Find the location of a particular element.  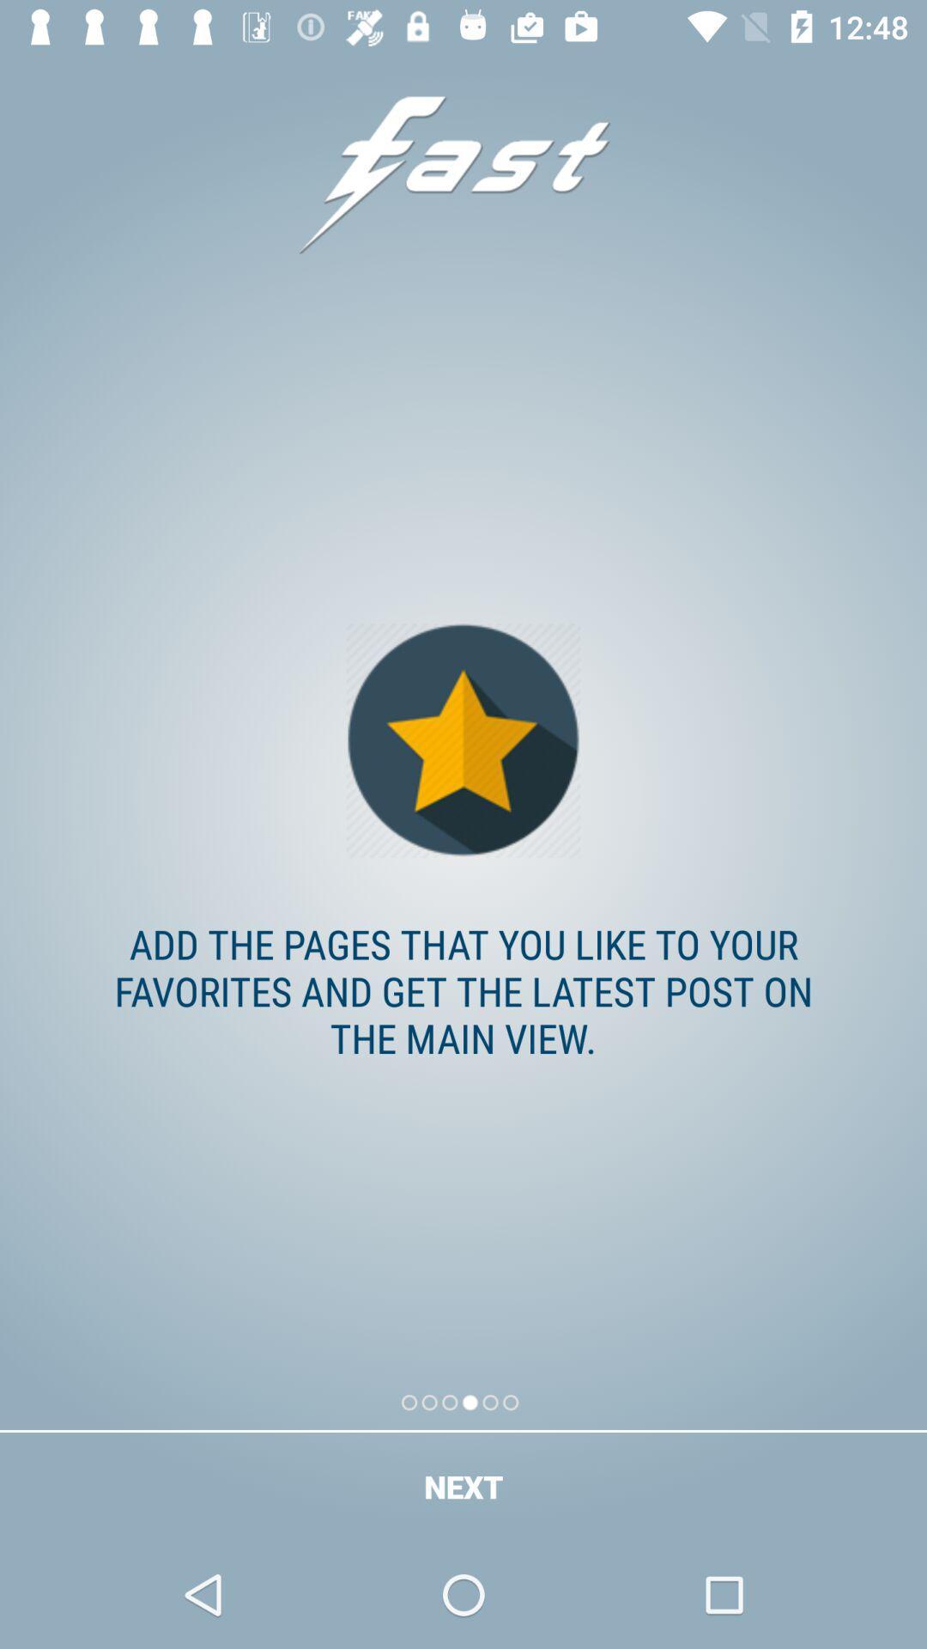

the next item is located at coordinates (463, 1486).